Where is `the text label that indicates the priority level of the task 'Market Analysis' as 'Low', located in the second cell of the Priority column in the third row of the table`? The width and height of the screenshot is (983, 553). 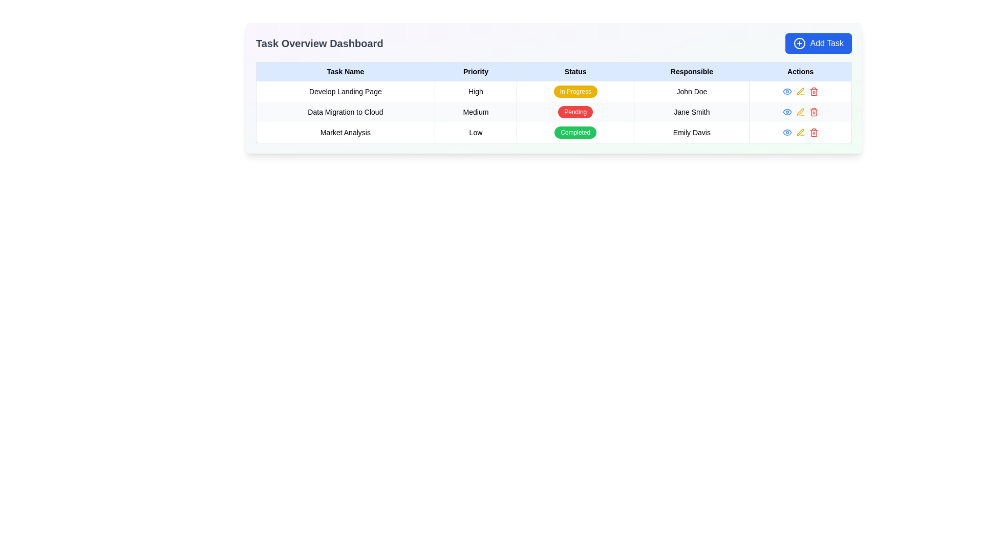 the text label that indicates the priority level of the task 'Market Analysis' as 'Low', located in the second cell of the Priority column in the third row of the table is located at coordinates (475, 132).